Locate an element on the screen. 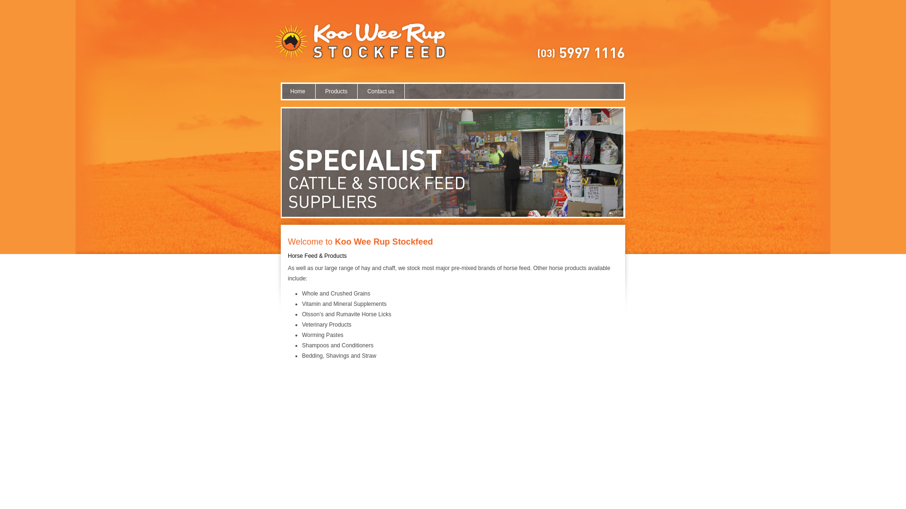  'Home' is located at coordinates (297, 91).